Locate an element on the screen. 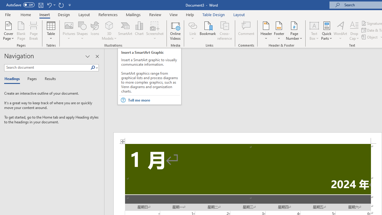 This screenshot has width=382, height=215. 'Object...' is located at coordinates (370, 37).